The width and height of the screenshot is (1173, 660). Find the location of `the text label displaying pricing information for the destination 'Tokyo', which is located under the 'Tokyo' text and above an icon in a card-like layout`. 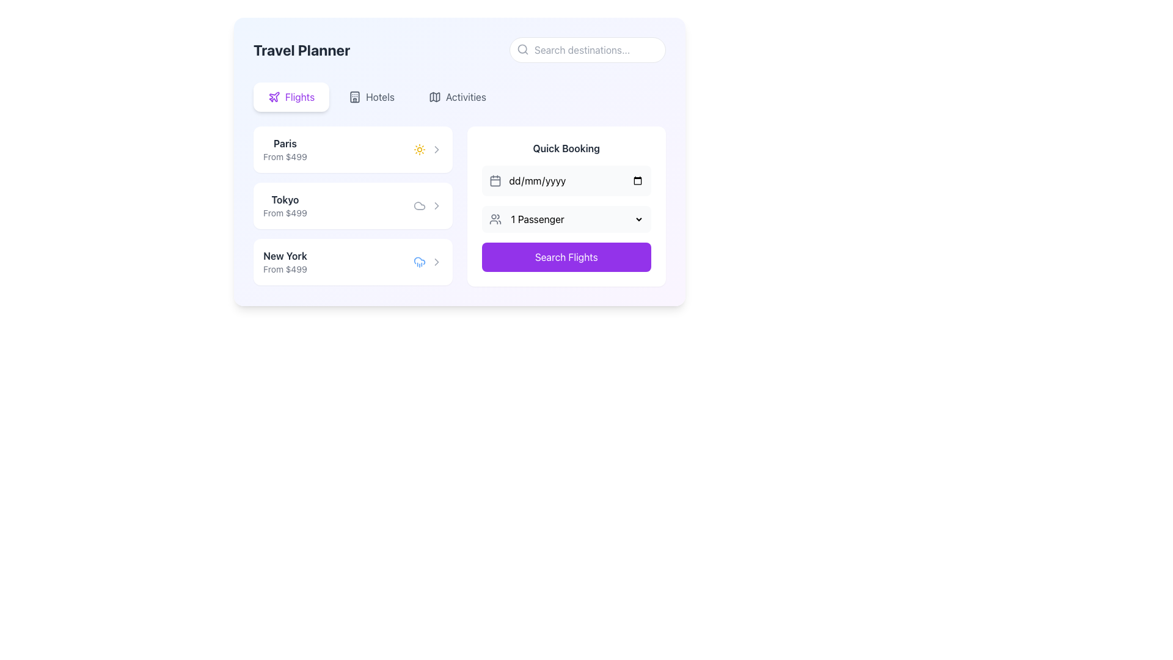

the text label displaying pricing information for the destination 'Tokyo', which is located under the 'Tokyo' text and above an icon in a card-like layout is located at coordinates (284, 212).